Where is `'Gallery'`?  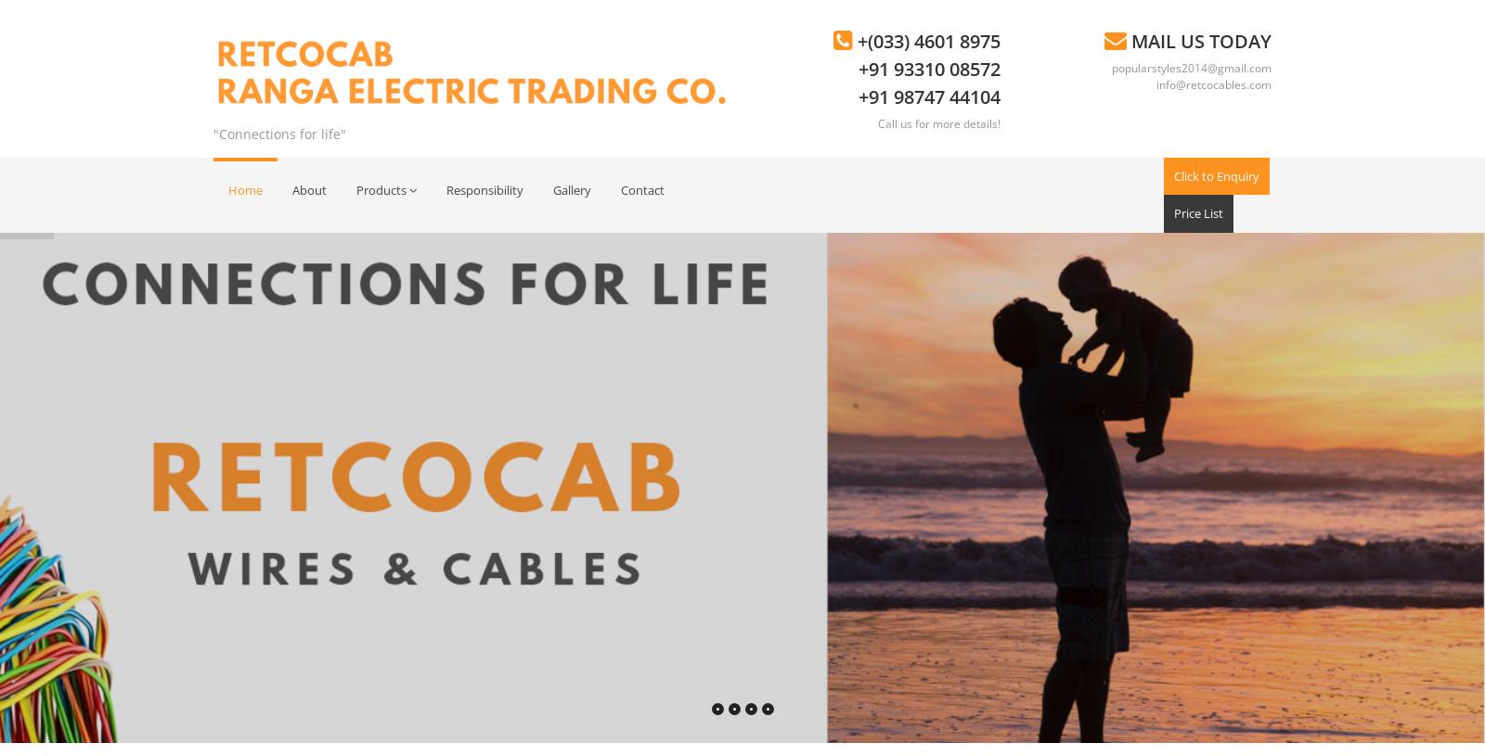
'Gallery' is located at coordinates (572, 188).